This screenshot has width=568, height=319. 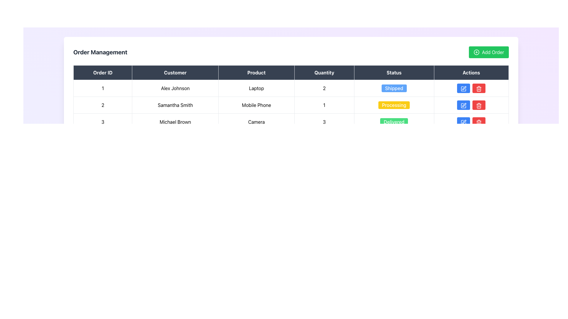 What do you see at coordinates (394, 88) in the screenshot?
I see `the 'Shipped' status label in the 'Status' column, adjacent to Order ID 1 for customer Alex Johnson` at bounding box center [394, 88].